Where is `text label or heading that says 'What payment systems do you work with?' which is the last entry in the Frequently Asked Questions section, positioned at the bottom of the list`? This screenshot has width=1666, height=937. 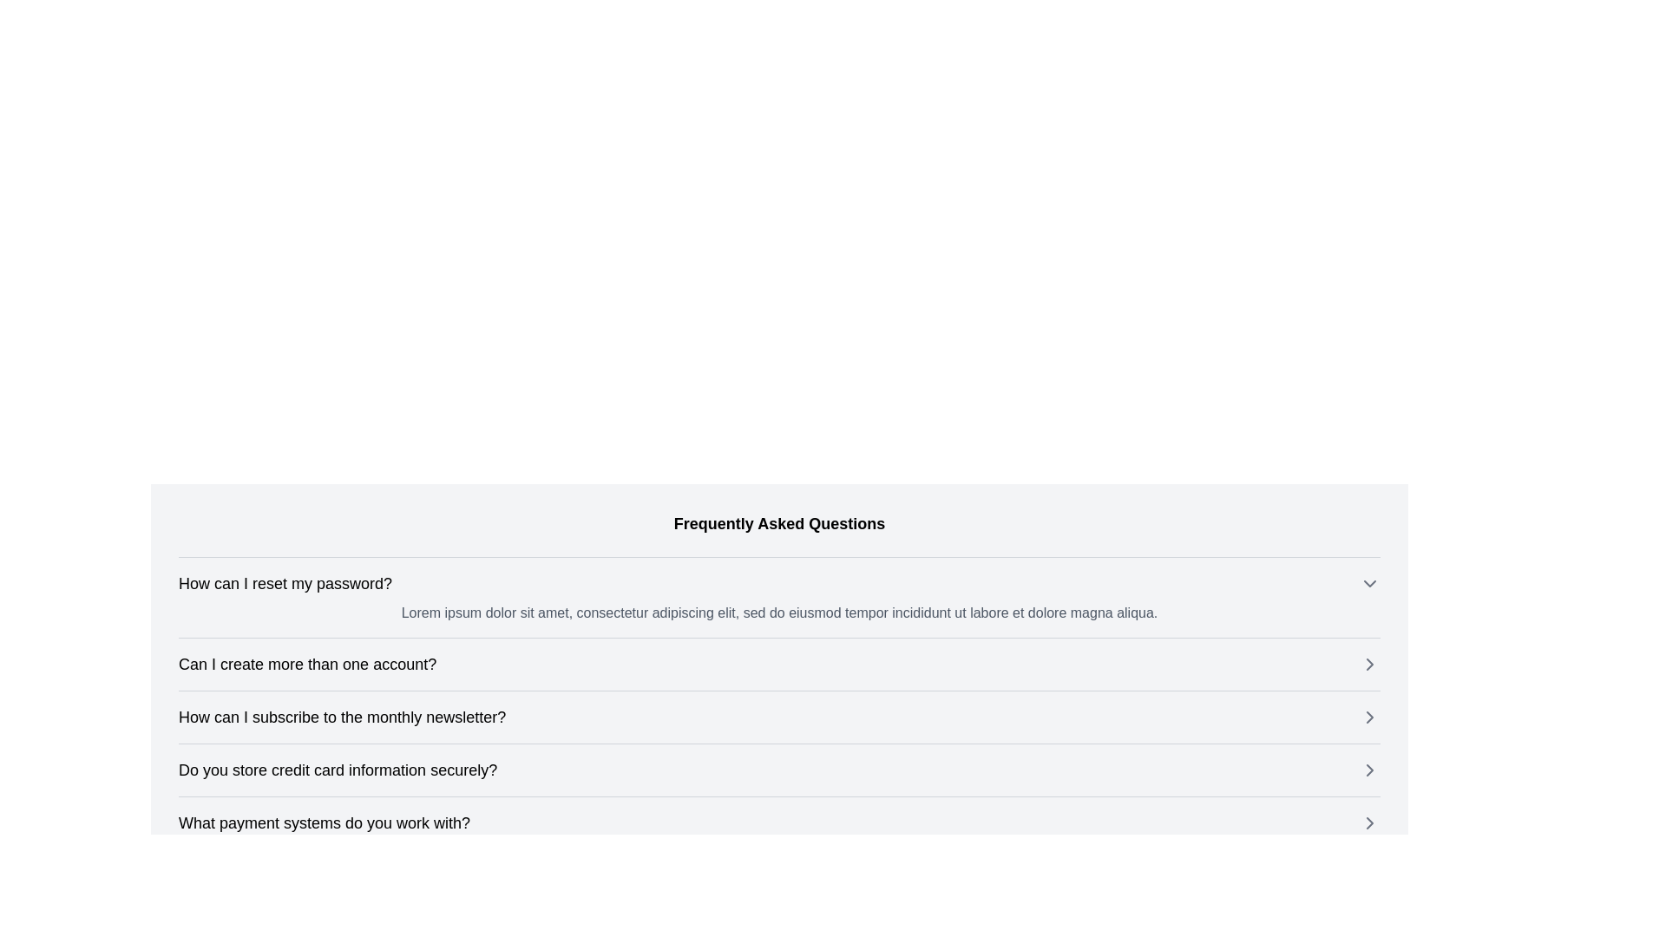
text label or heading that says 'What payment systems do you work with?' which is the last entry in the Frequently Asked Questions section, positioned at the bottom of the list is located at coordinates (325, 822).